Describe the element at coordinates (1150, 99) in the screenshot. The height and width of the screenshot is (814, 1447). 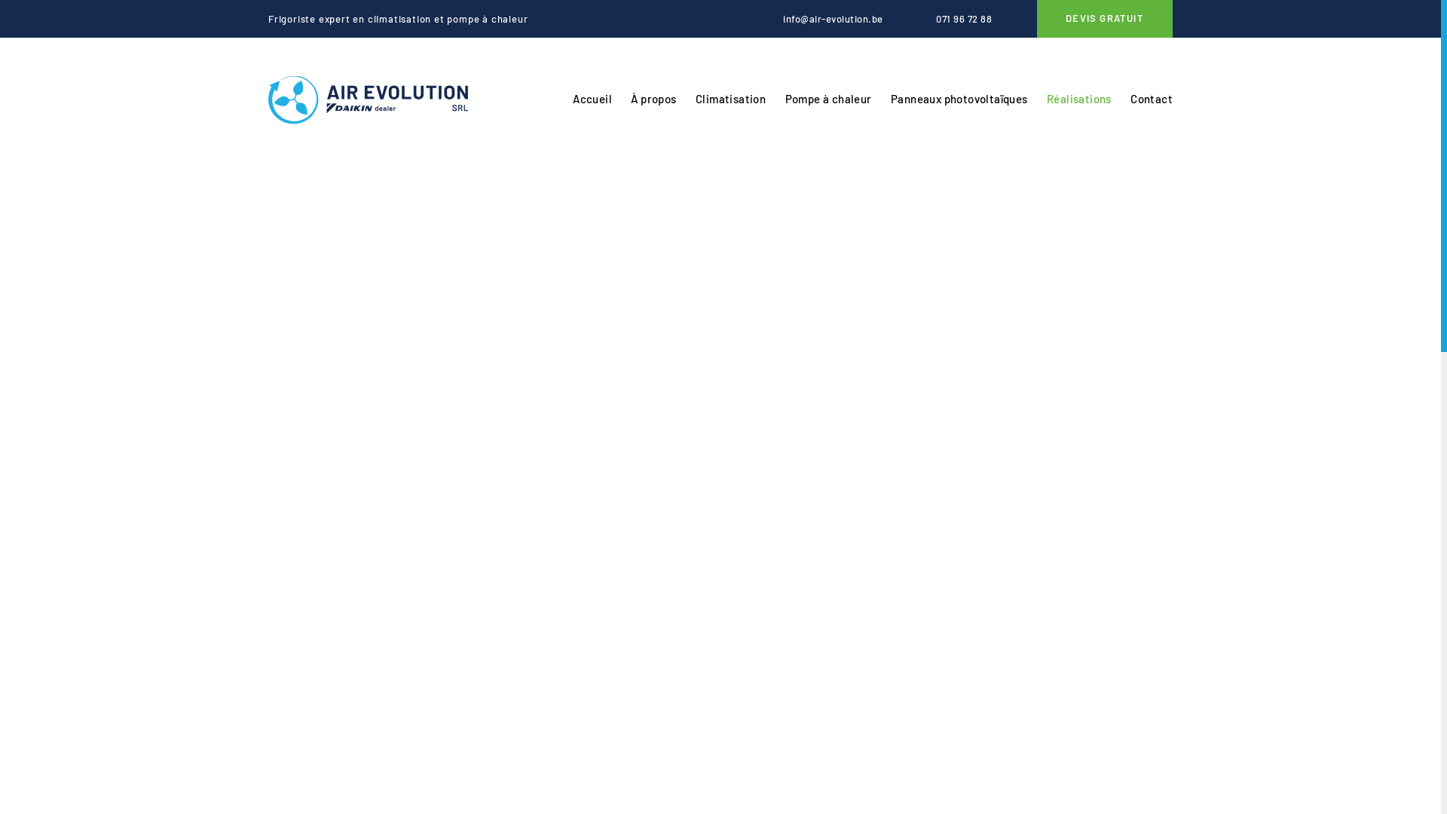
I see `'Contact'` at that location.